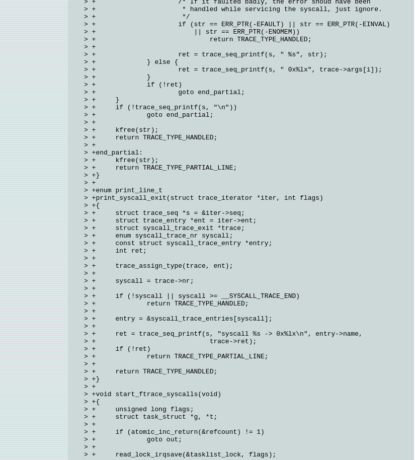 This screenshot has height=460, width=415. Describe the element at coordinates (236, 24) in the screenshot. I see `'> +			if (str == ERR_PTR(-EFAULT) || str == ERR_PTR(-EINVAL)'` at that location.